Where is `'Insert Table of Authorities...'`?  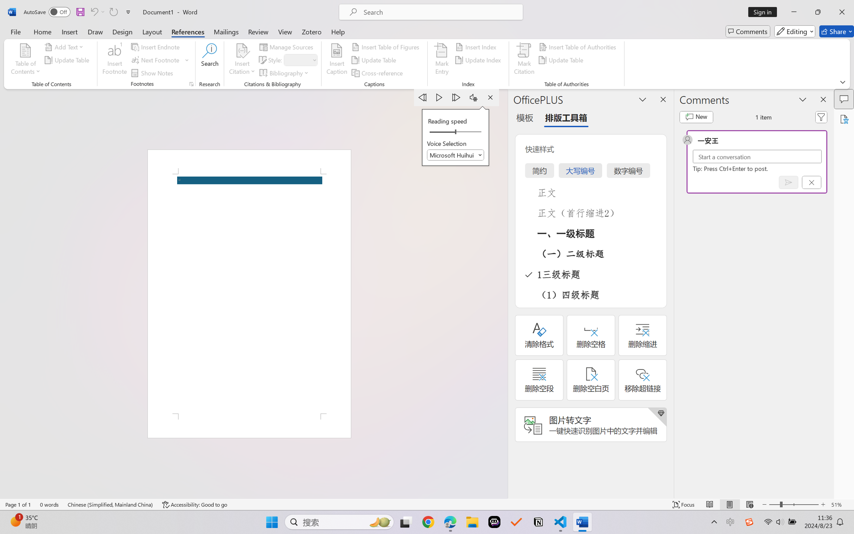 'Insert Table of Authorities...' is located at coordinates (578, 46).